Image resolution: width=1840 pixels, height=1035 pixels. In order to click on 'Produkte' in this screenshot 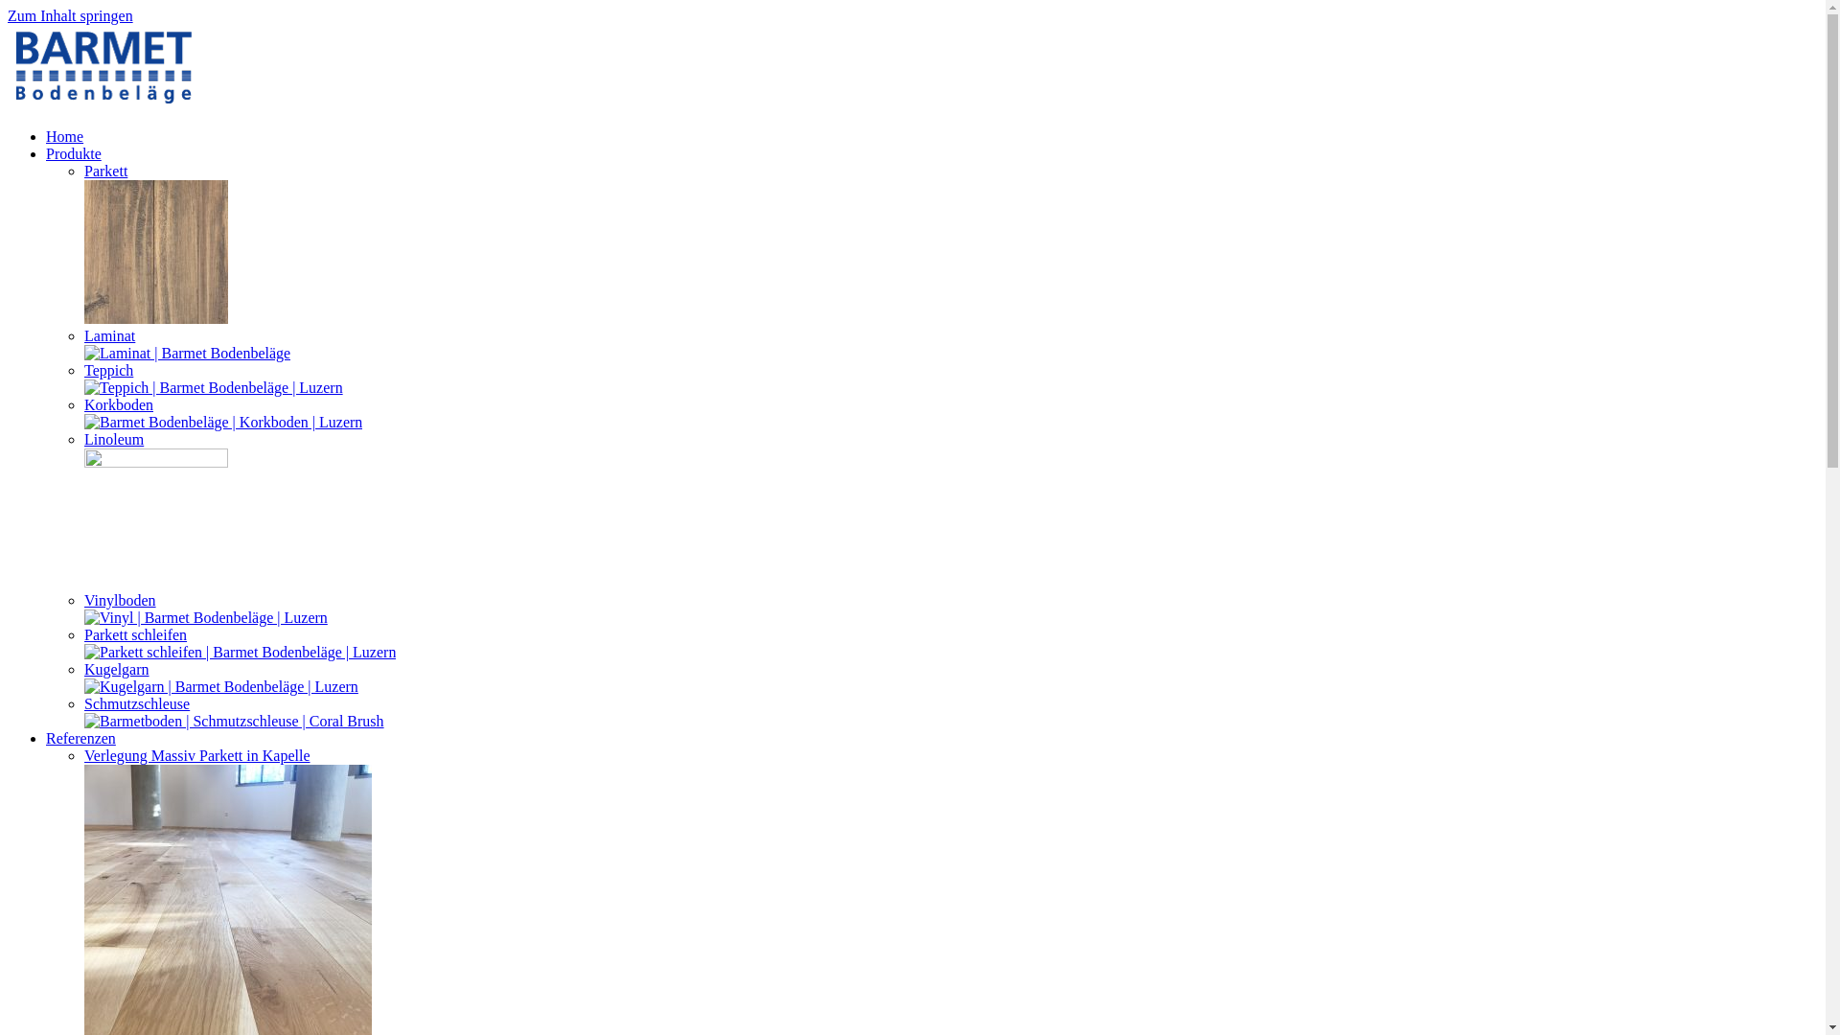, I will do `click(73, 152)`.